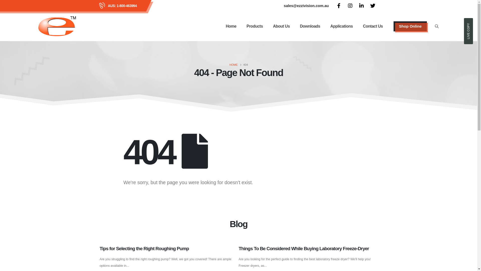 The width and height of the screenshot is (481, 271). What do you see at coordinates (122, 6) in the screenshot?
I see `'AUS: 1-800-463994'` at bounding box center [122, 6].